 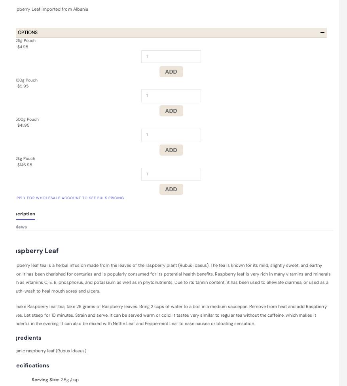 What do you see at coordinates (69, 379) in the screenshot?
I see `'2.5g /cup'` at bounding box center [69, 379].